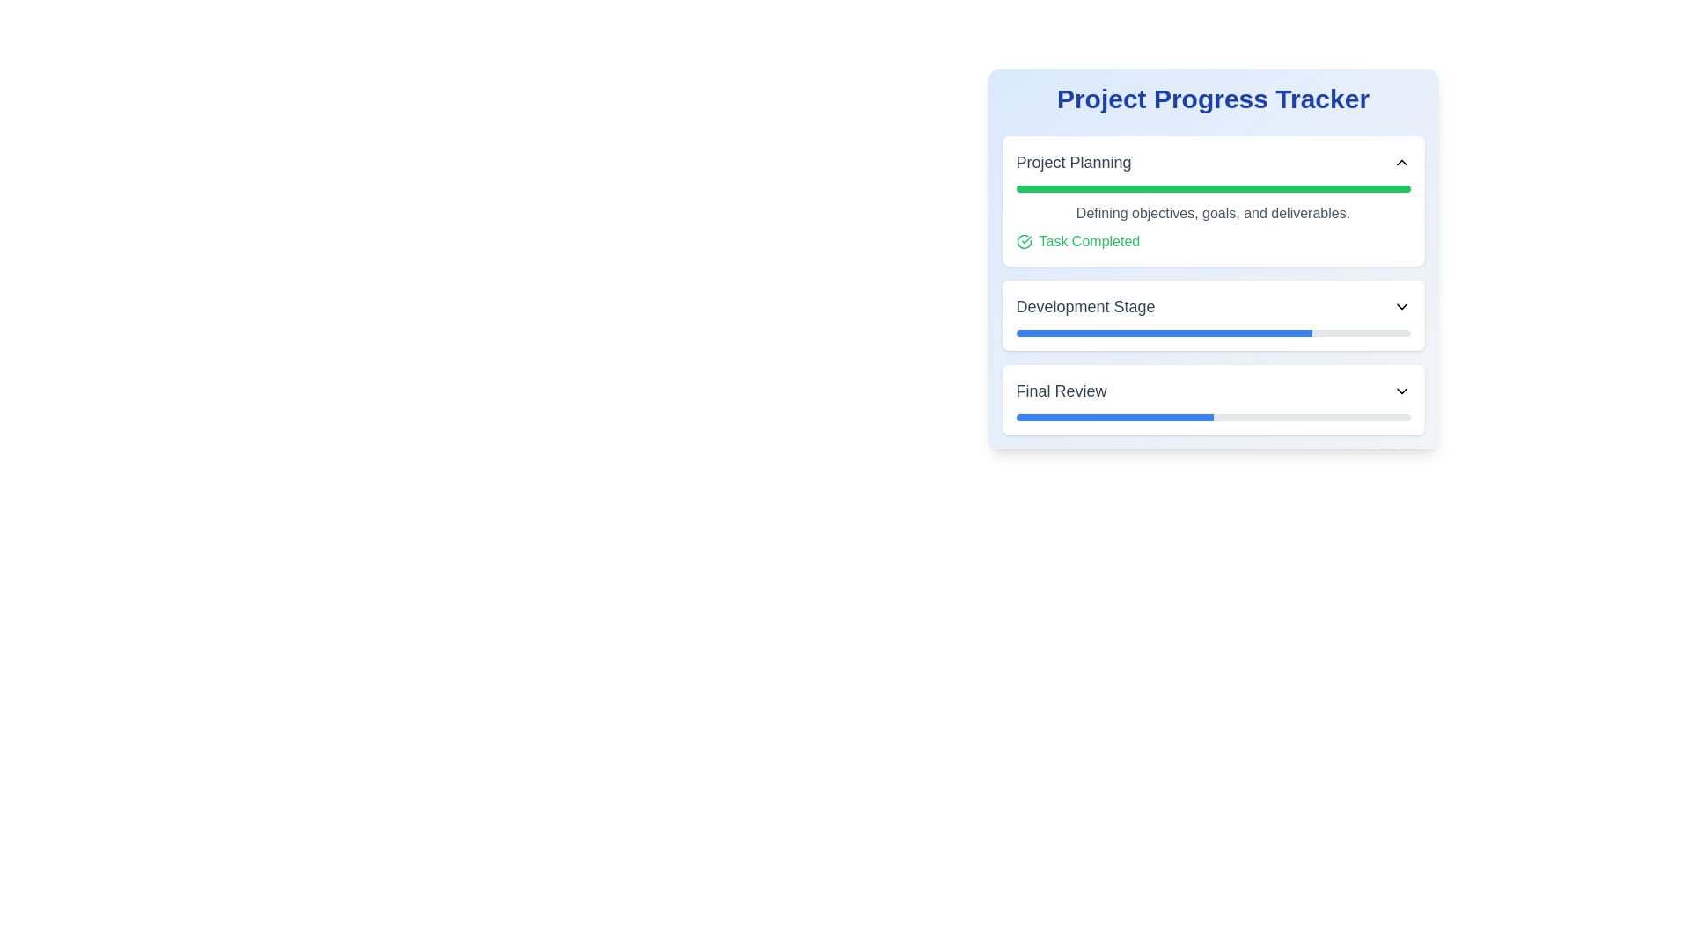 This screenshot has height=950, width=1690. Describe the element at coordinates (1400, 390) in the screenshot. I see `the downward-pointing chevron icon next to the 'Final Review' text` at that location.